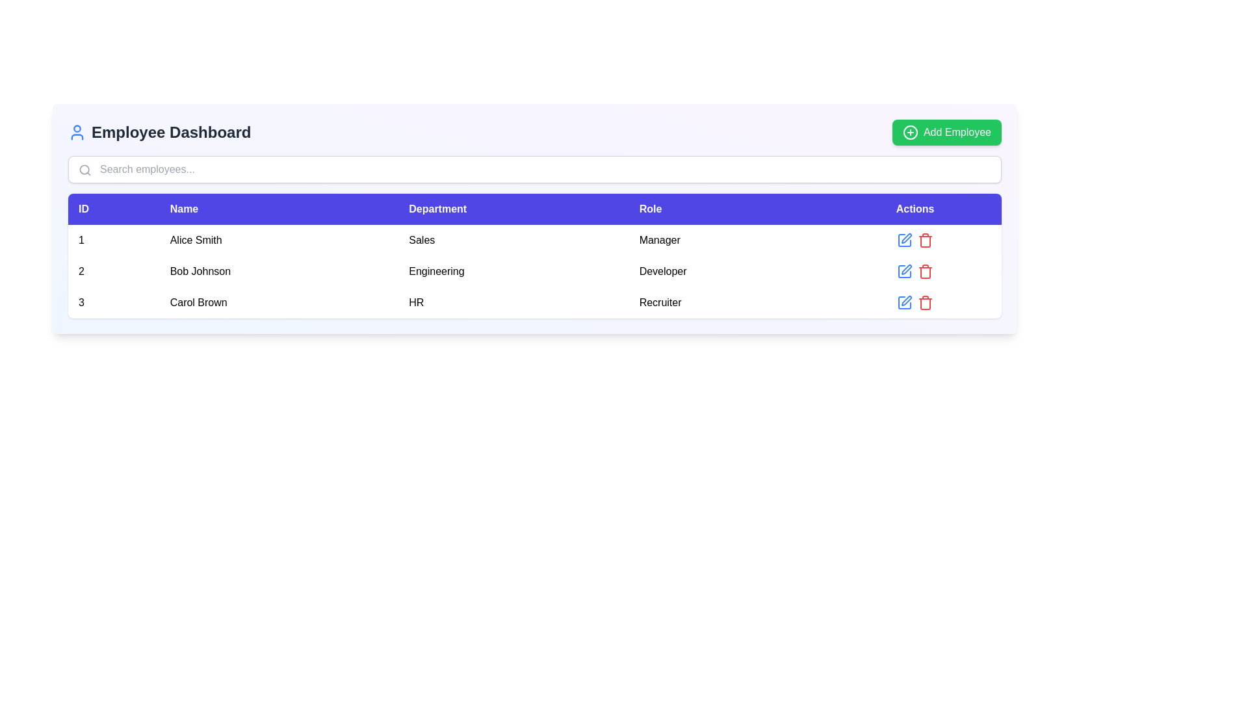 The height and width of the screenshot is (702, 1248). Describe the element at coordinates (906, 269) in the screenshot. I see `the edit/pencil icon located in the third row of the table under the 'Actions' column to initiate the edit action` at that location.